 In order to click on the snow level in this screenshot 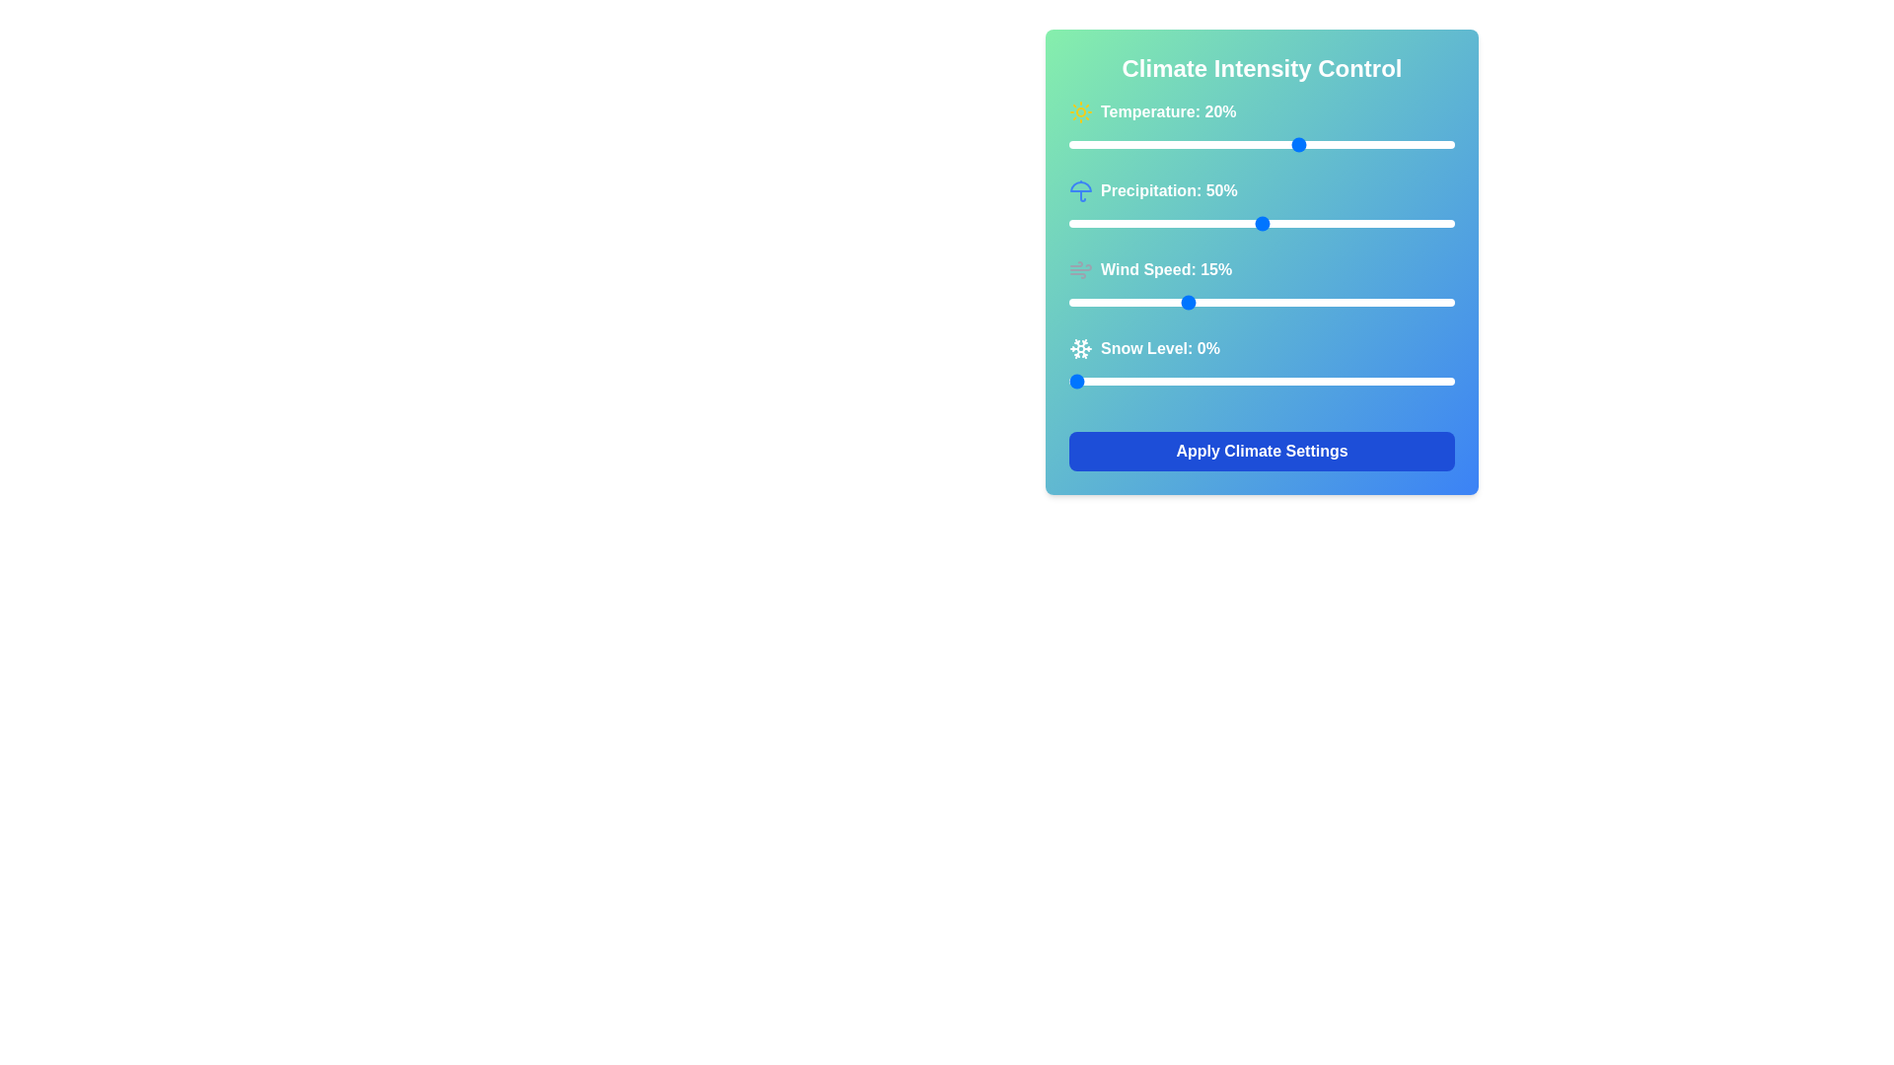, I will do `click(1447, 381)`.